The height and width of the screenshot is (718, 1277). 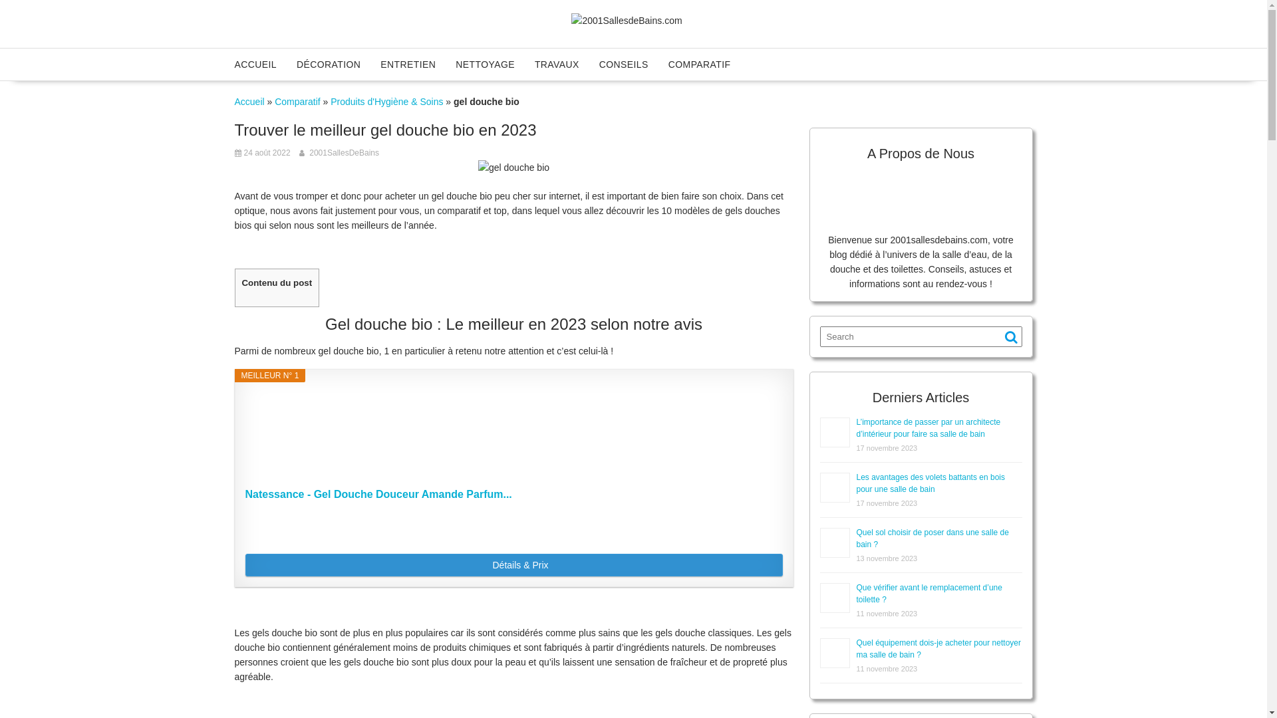 What do you see at coordinates (484, 64) in the screenshot?
I see `'NETTOYAGE'` at bounding box center [484, 64].